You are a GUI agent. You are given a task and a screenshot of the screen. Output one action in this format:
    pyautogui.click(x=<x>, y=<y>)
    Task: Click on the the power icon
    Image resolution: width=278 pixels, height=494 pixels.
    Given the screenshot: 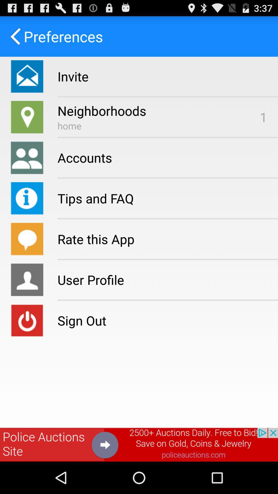 What is the action you would take?
    pyautogui.click(x=27, y=343)
    